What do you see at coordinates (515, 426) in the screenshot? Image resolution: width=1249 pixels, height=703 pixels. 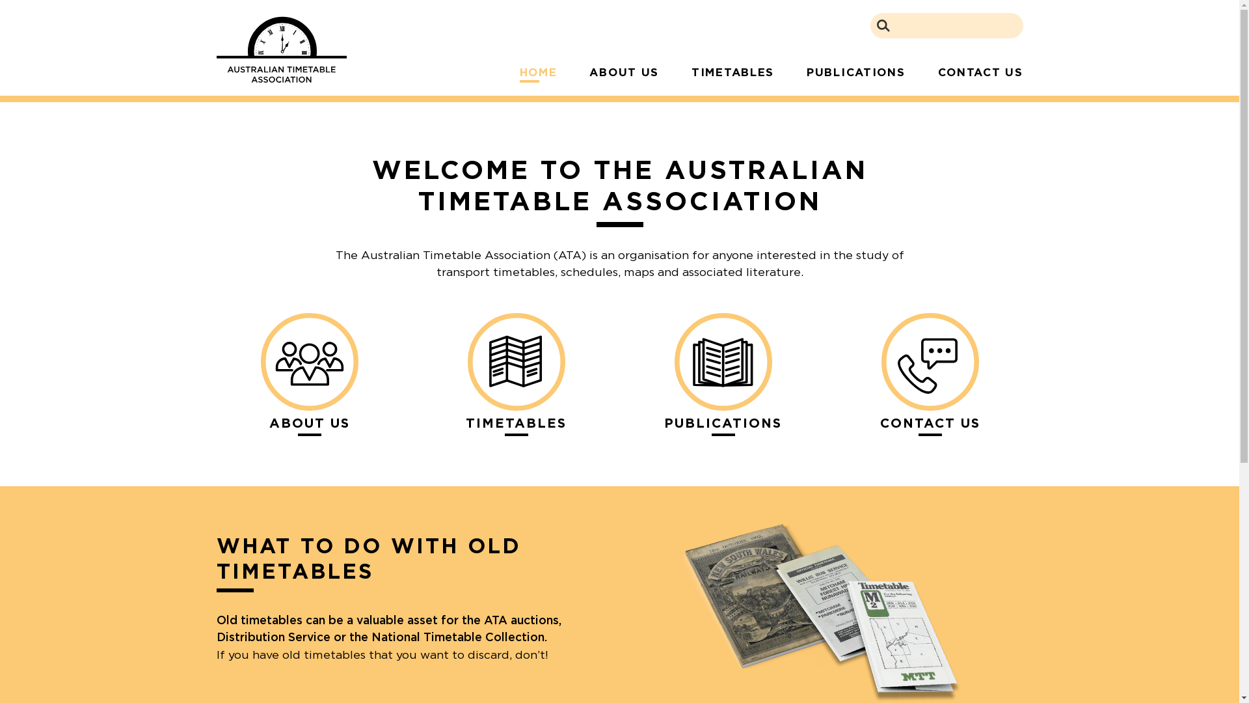 I see `'TIMETABLES'` at bounding box center [515, 426].